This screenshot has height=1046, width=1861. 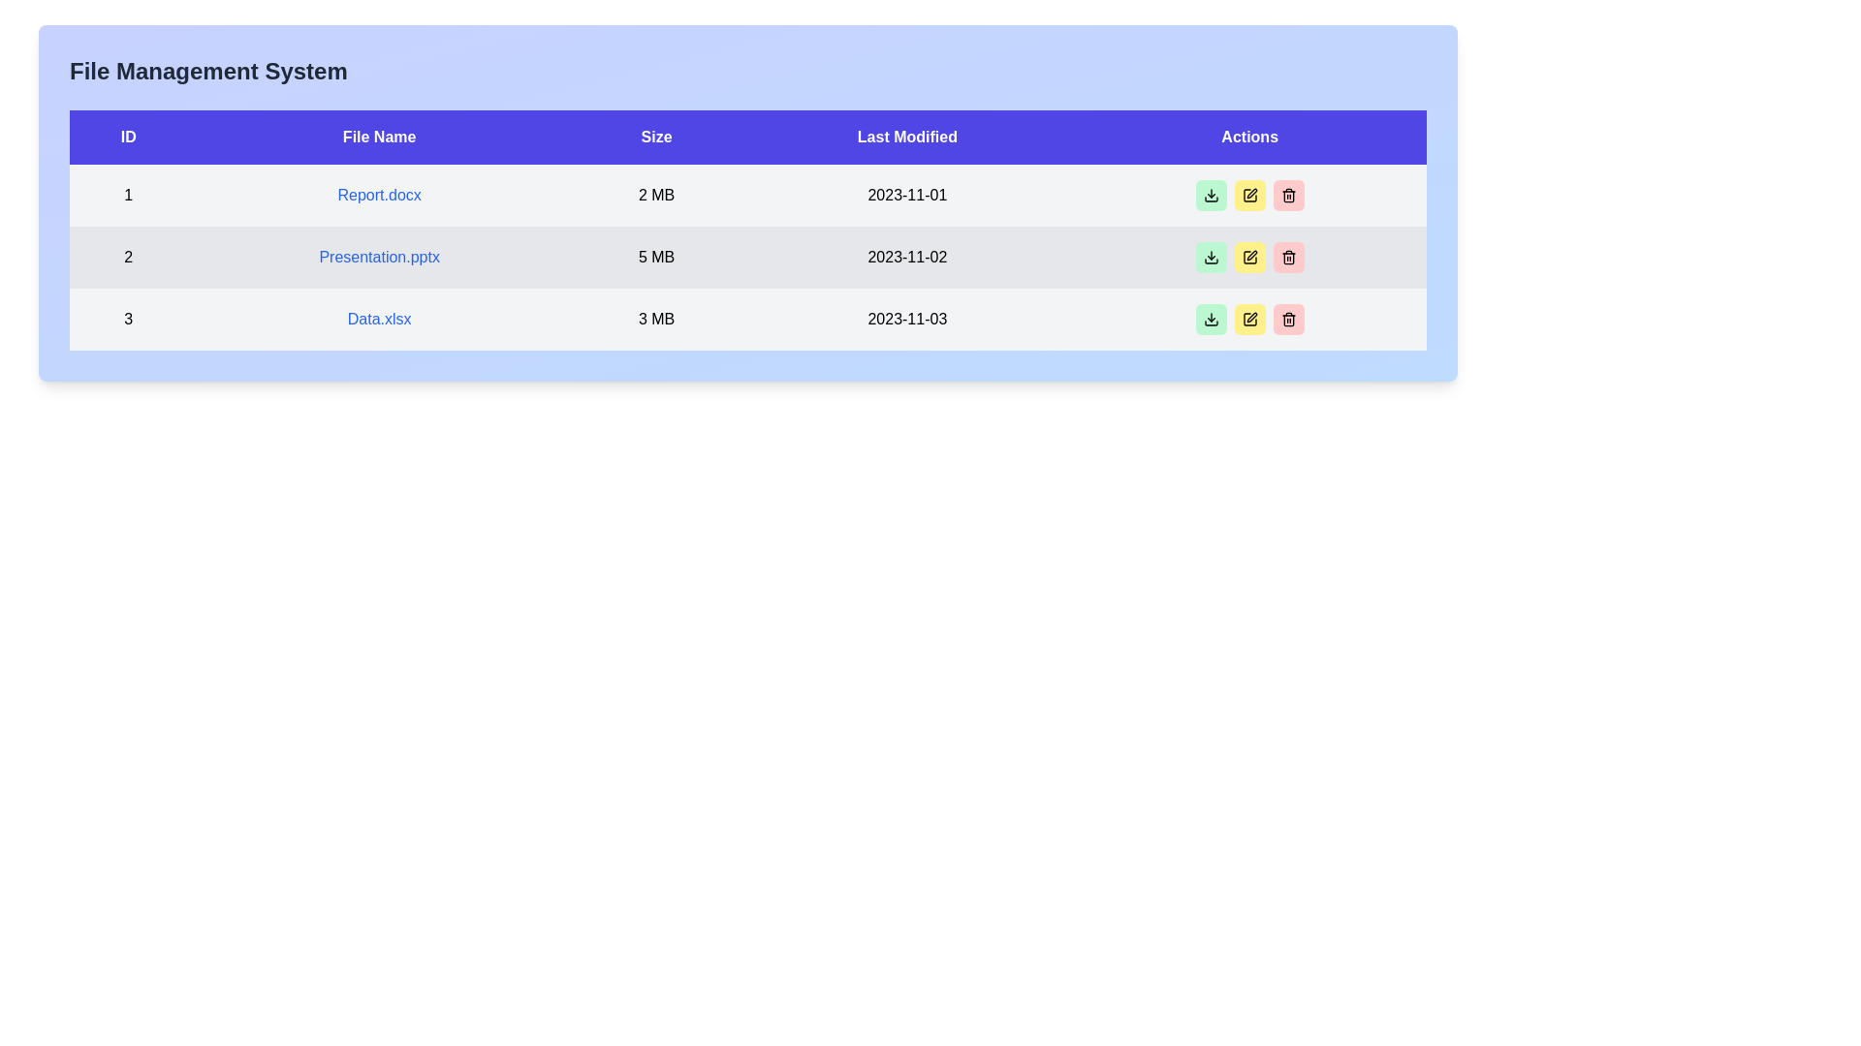 What do you see at coordinates (379, 319) in the screenshot?
I see `the clickable link 'Data.xlsx' styled in bold blue font located in the third row under the 'File Name' column of the table` at bounding box center [379, 319].